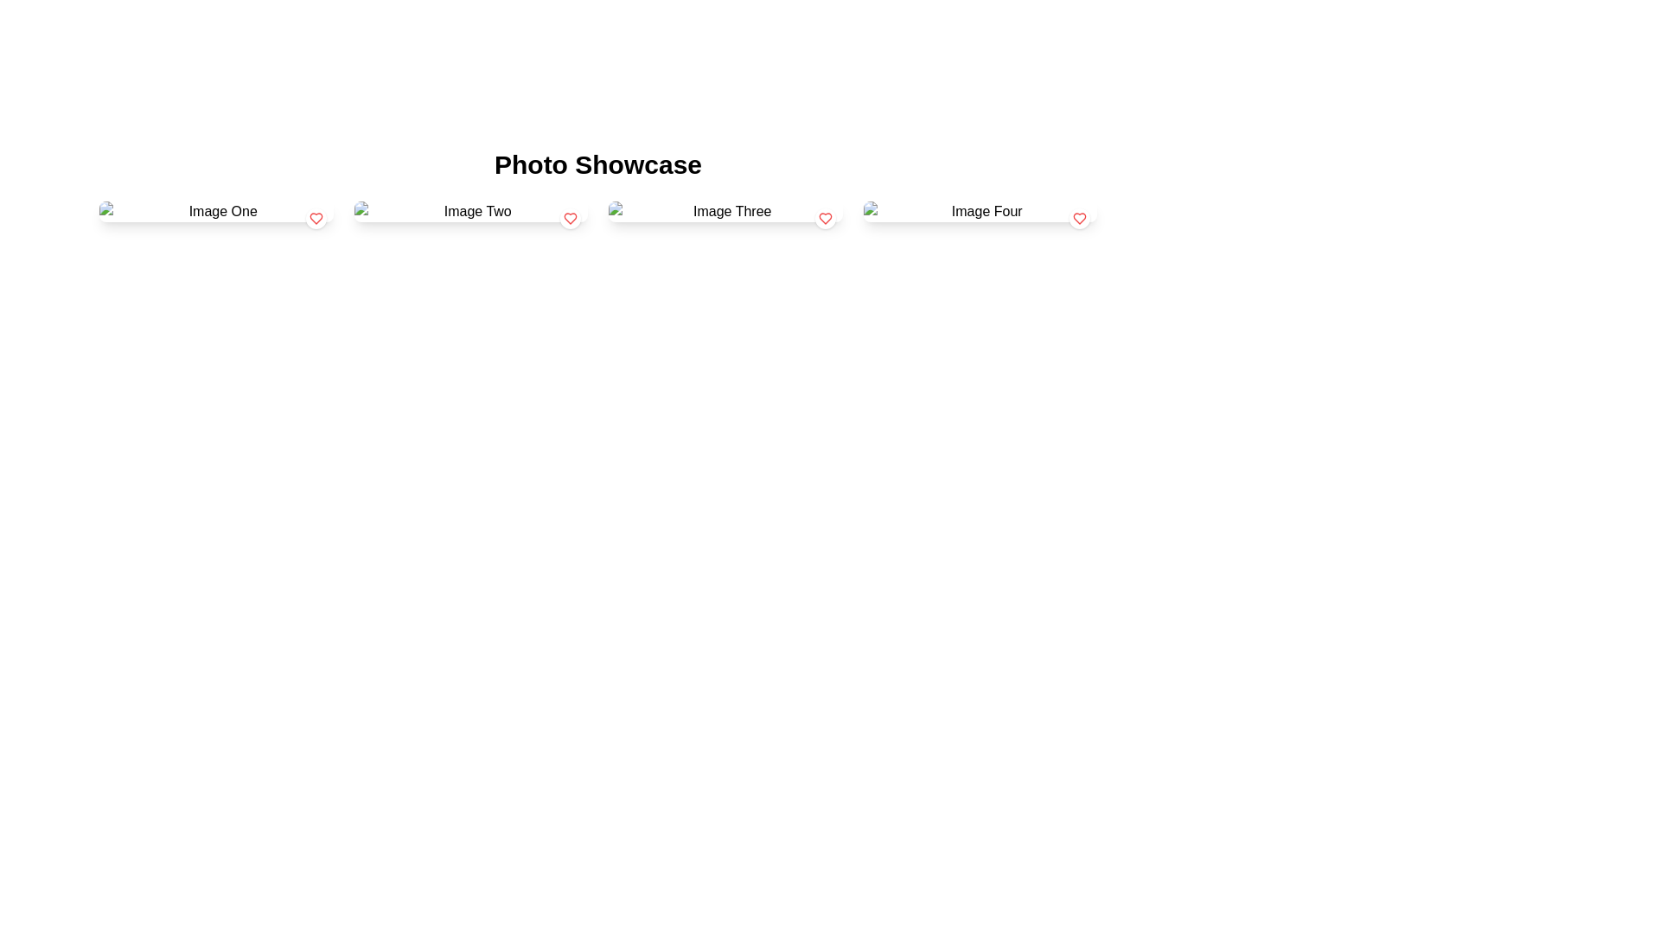  I want to click on the heart icon button located in the top-right corner of the 'Image Three' section of the photo showcase grid, so click(824, 218).